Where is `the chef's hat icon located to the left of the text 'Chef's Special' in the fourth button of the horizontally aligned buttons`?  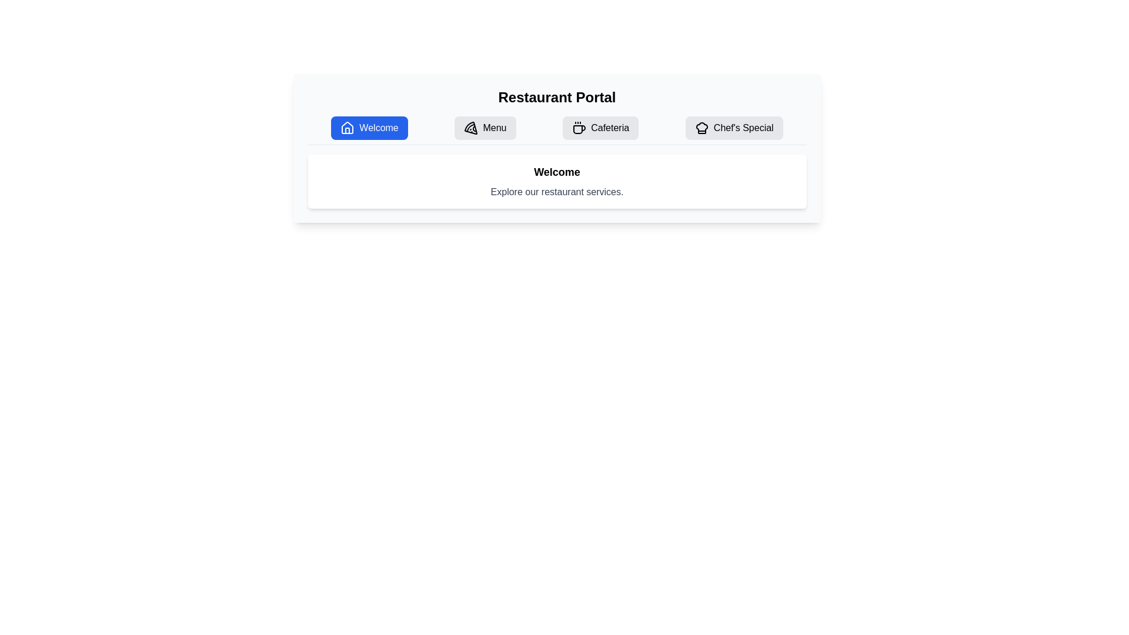
the chef's hat icon located to the left of the text 'Chef's Special' in the fourth button of the horizontally aligned buttons is located at coordinates (702, 128).